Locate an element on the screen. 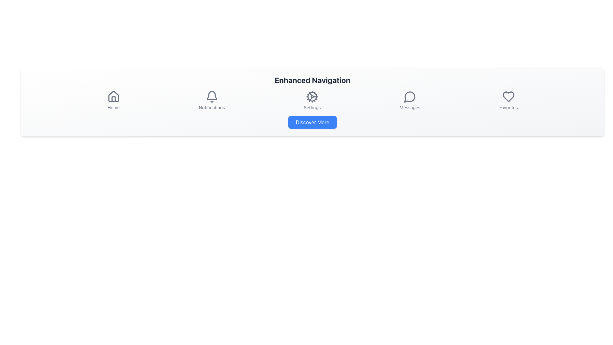 The width and height of the screenshot is (613, 345). the Label Text element that describes the notifications feature, located below the bell icon in the navigation bar is located at coordinates (212, 107).